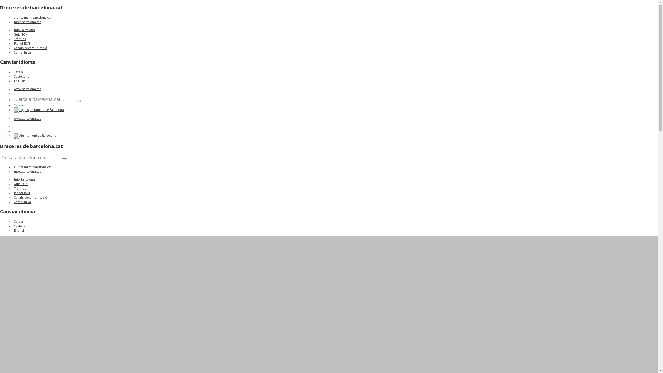  Describe the element at coordinates (78, 101) in the screenshot. I see `'Cerca a barcelona.cat'` at that location.